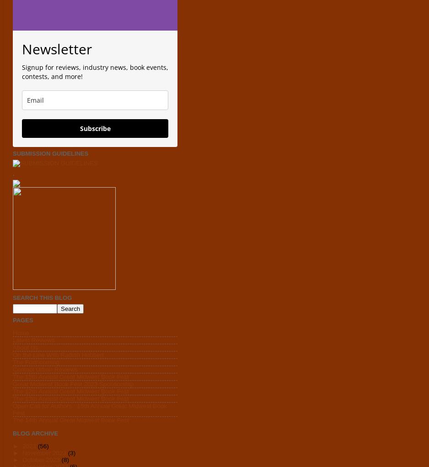  I want to click on '(56)', so click(43, 446).